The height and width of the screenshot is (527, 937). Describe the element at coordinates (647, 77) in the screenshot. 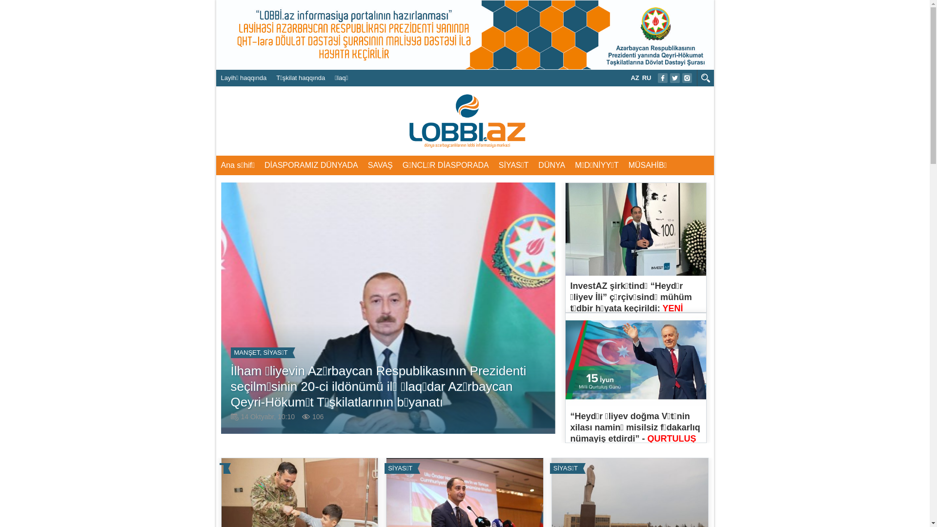

I see `'RU'` at that location.